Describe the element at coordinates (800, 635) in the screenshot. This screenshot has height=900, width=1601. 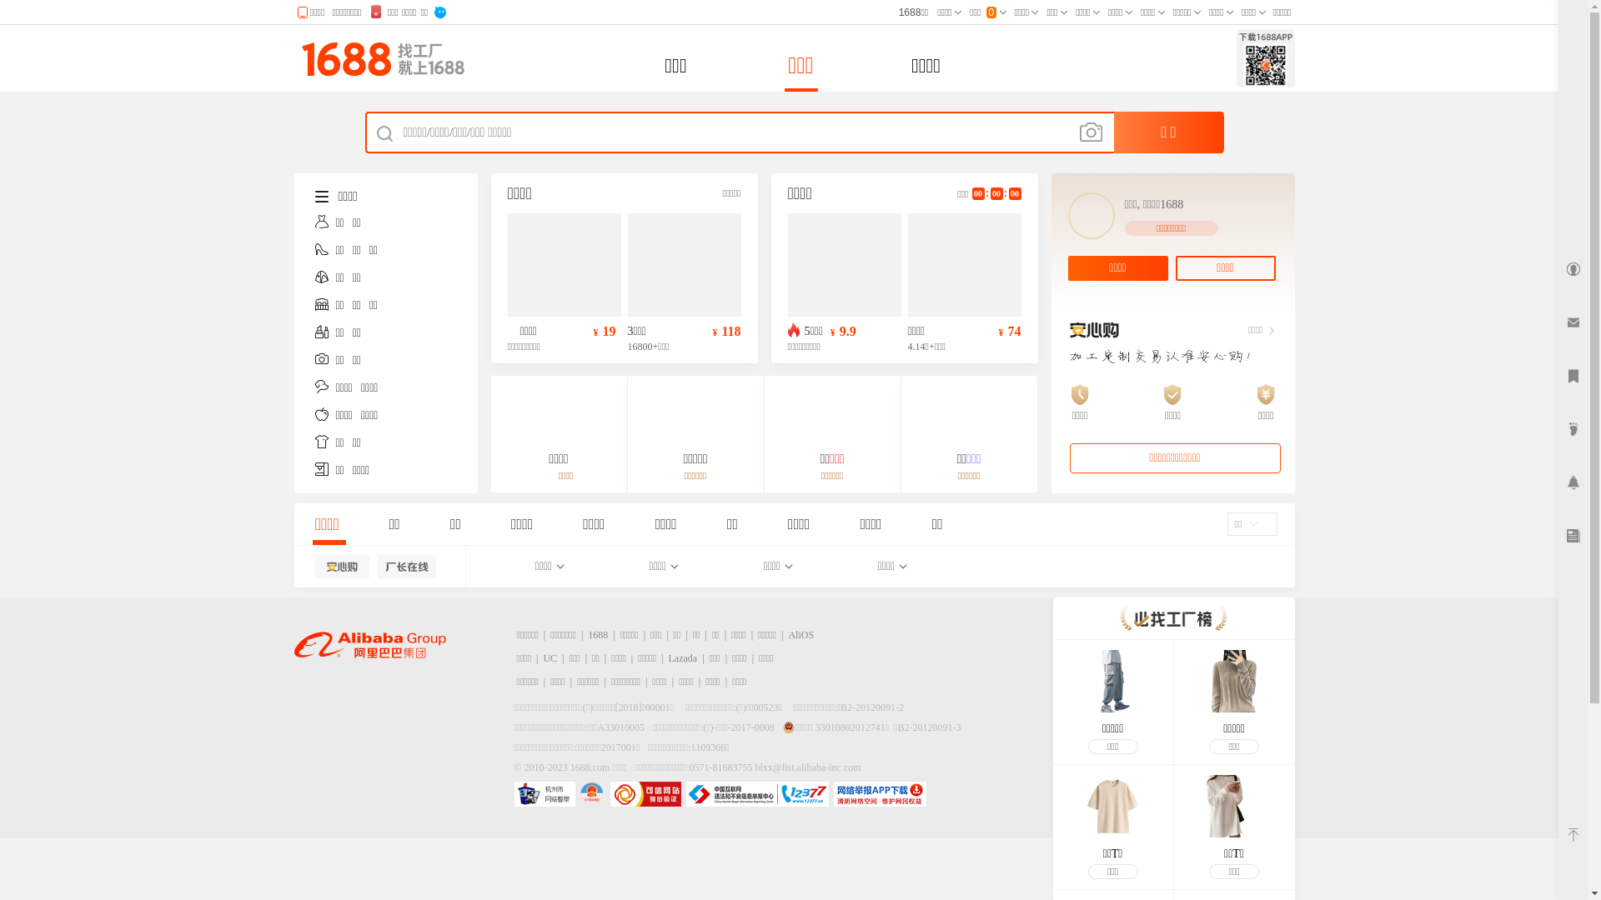
I see `'AliOS'` at that location.